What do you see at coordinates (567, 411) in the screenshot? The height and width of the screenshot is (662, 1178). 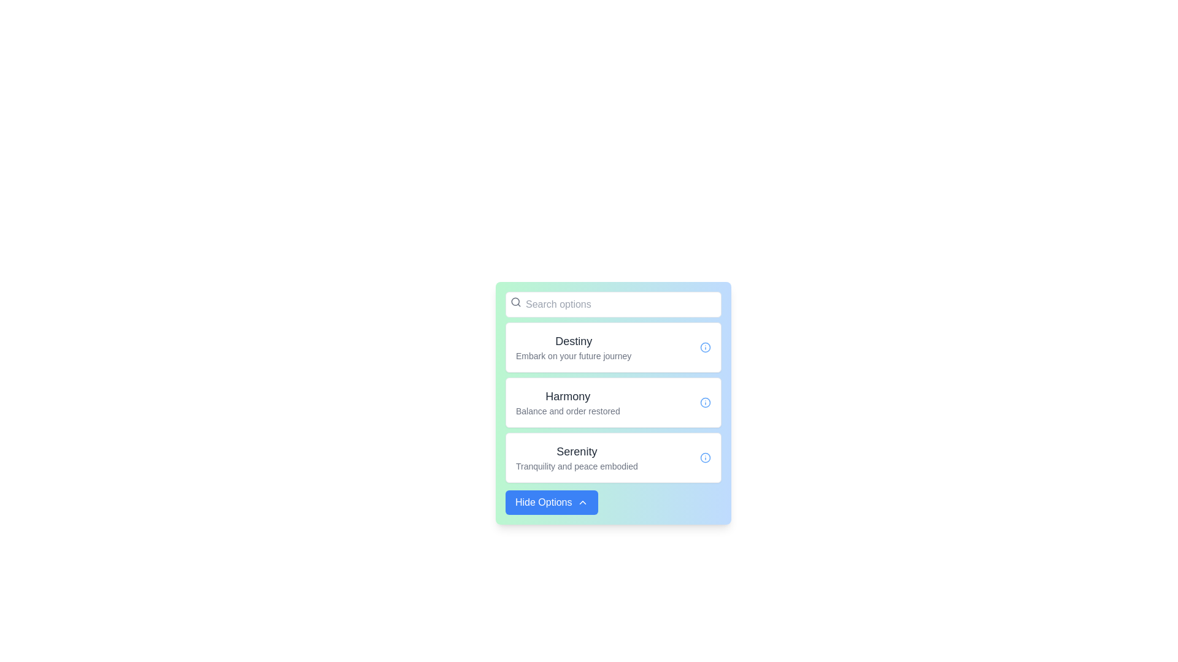 I see `the static text label that provides supplementary information for the main header 'Harmony', located directly below it within the card layout` at bounding box center [567, 411].